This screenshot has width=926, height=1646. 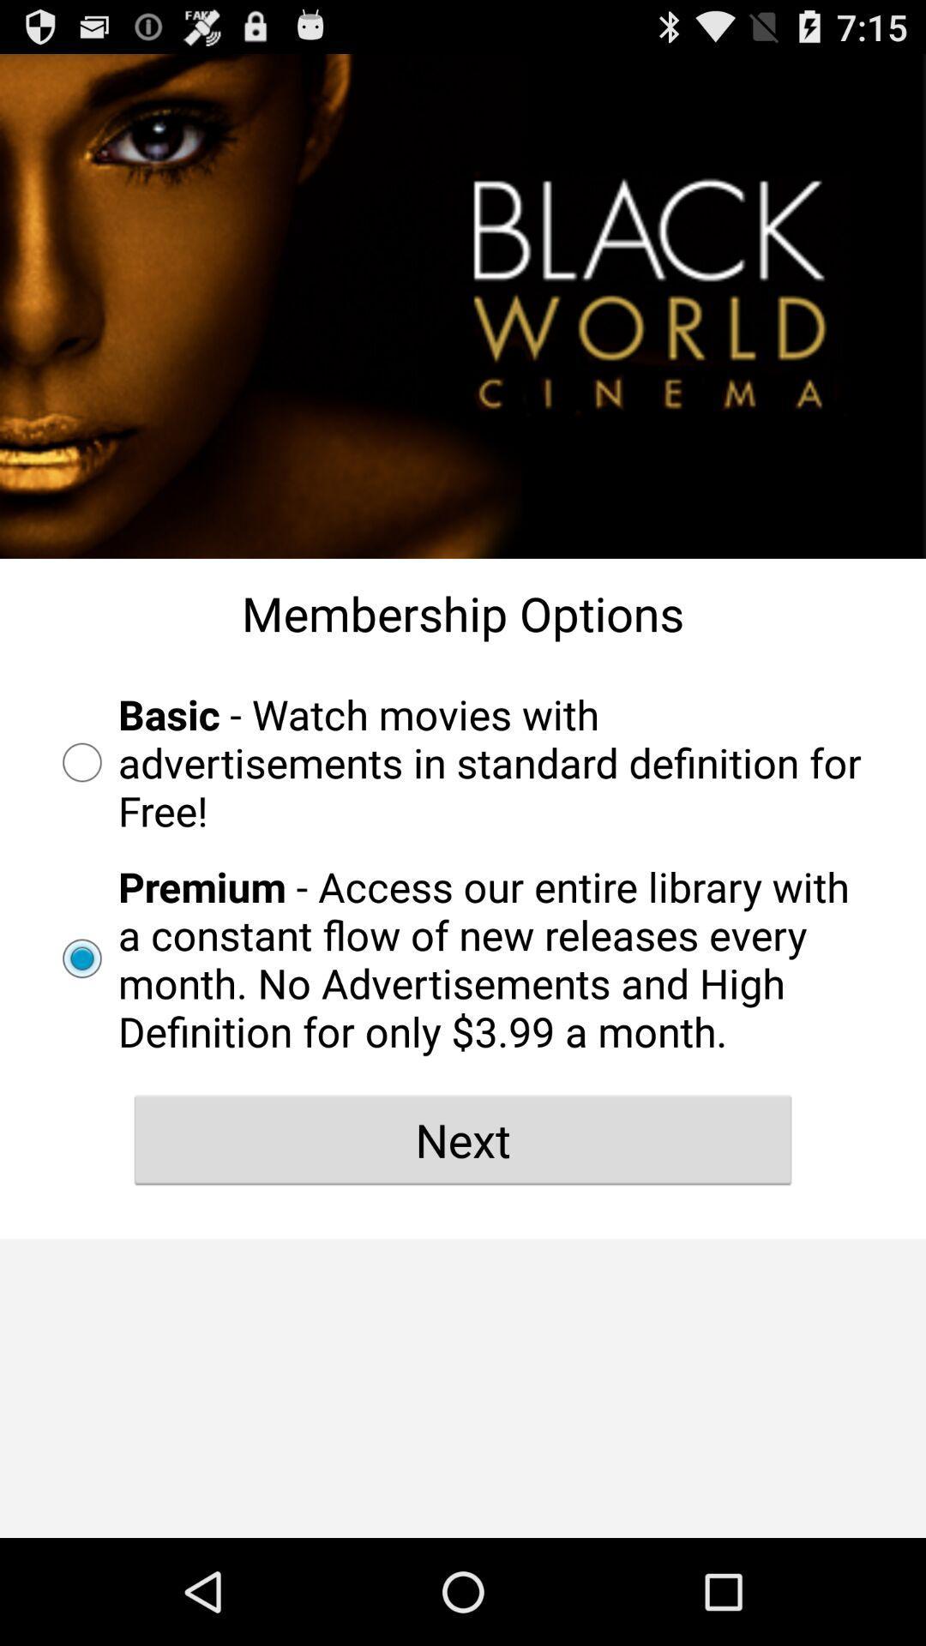 I want to click on item above the premium access our icon, so click(x=463, y=761).